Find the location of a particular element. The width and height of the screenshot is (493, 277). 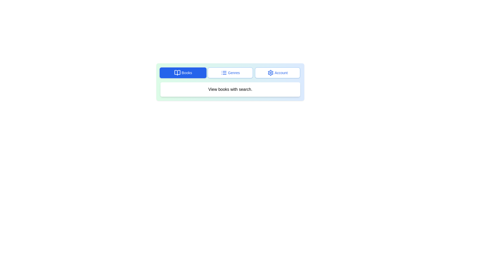

the 'Genres' button, which is the middle button in a horizontal group of three buttons is located at coordinates (230, 73).